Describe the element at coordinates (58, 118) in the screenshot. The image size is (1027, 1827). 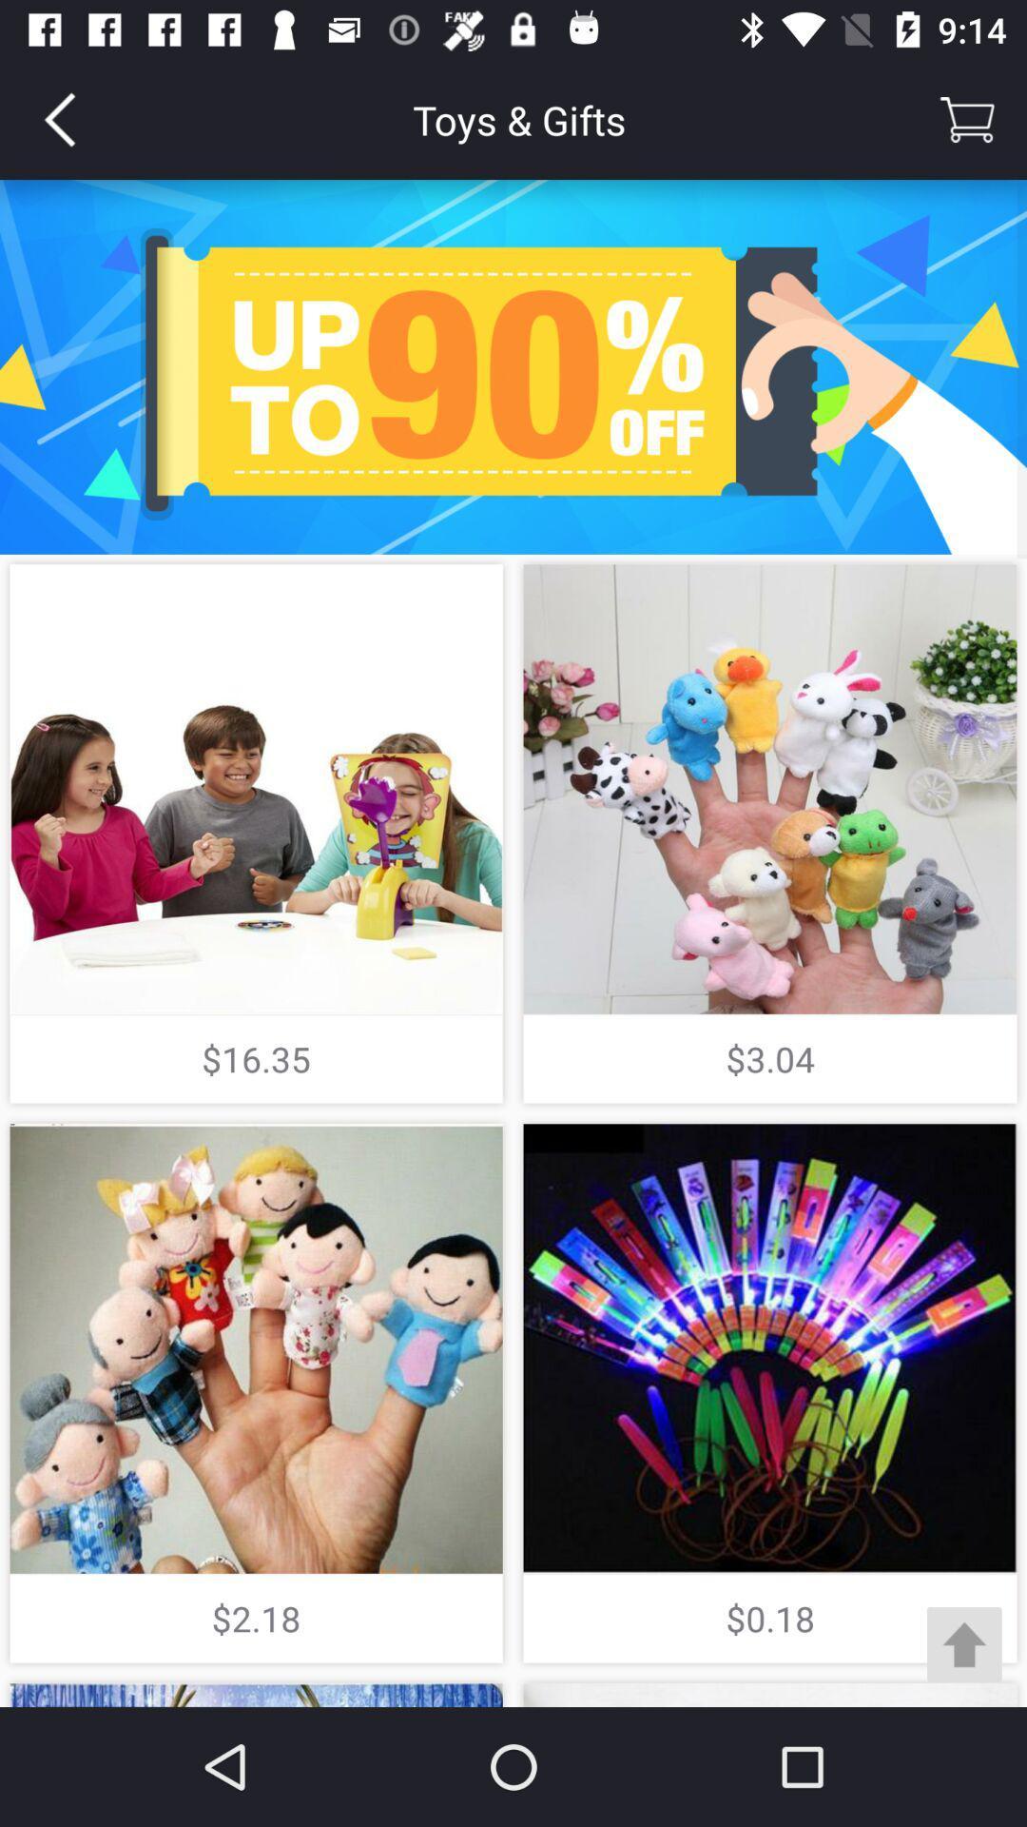
I see `the arrow_backward icon` at that location.